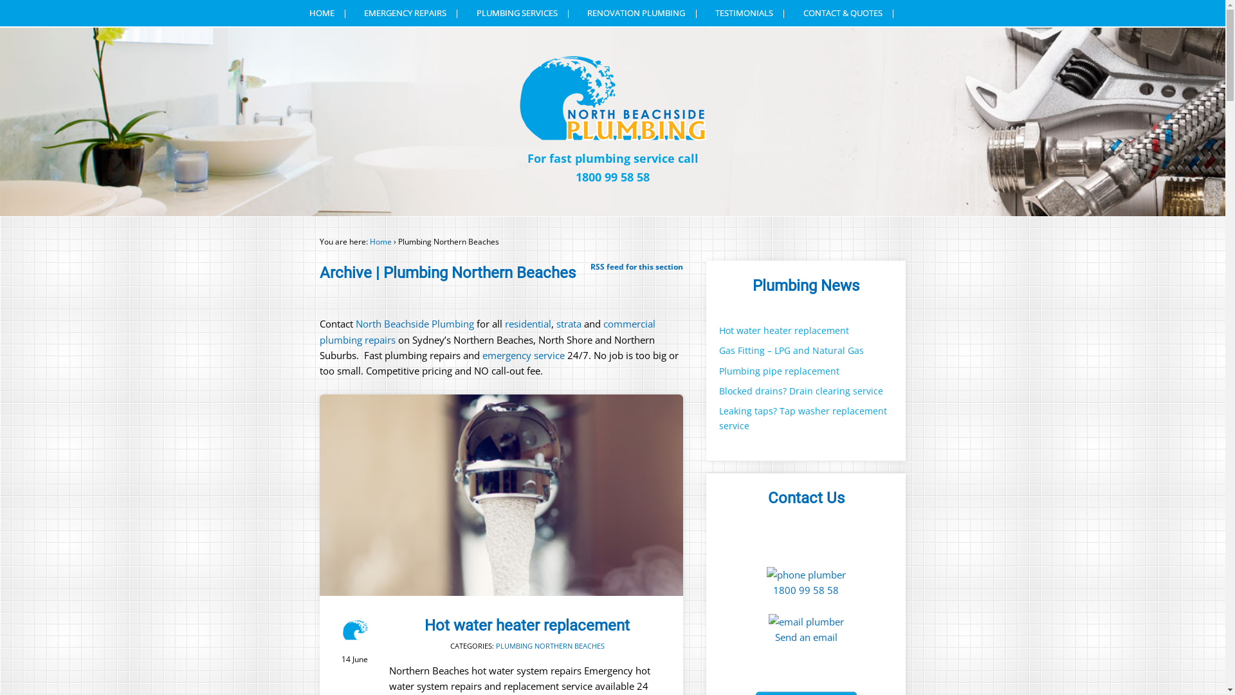 This screenshot has height=695, width=1235. What do you see at coordinates (524, 13) in the screenshot?
I see `'PLUMBING SERVICES'` at bounding box center [524, 13].